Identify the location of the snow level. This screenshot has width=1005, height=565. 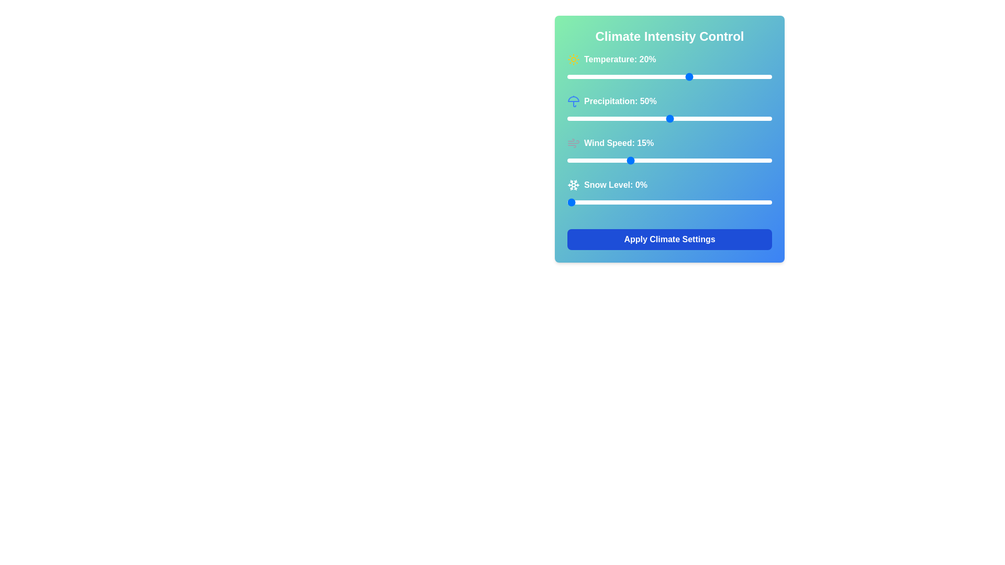
(747, 202).